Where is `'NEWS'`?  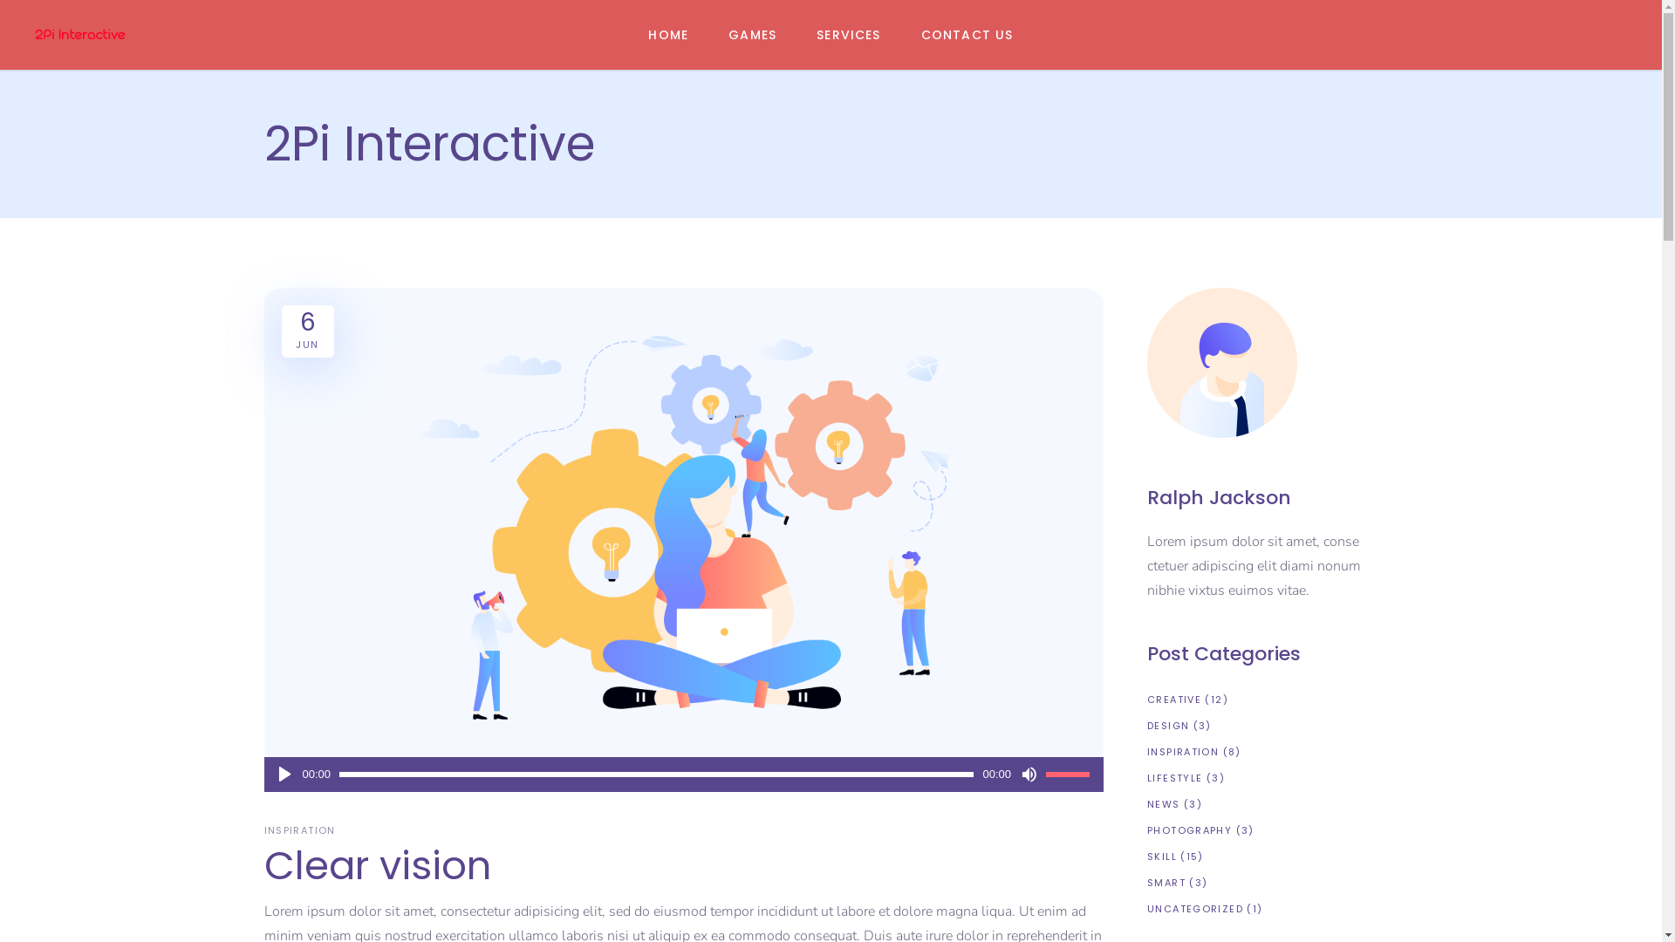
'NEWS' is located at coordinates (1164, 803).